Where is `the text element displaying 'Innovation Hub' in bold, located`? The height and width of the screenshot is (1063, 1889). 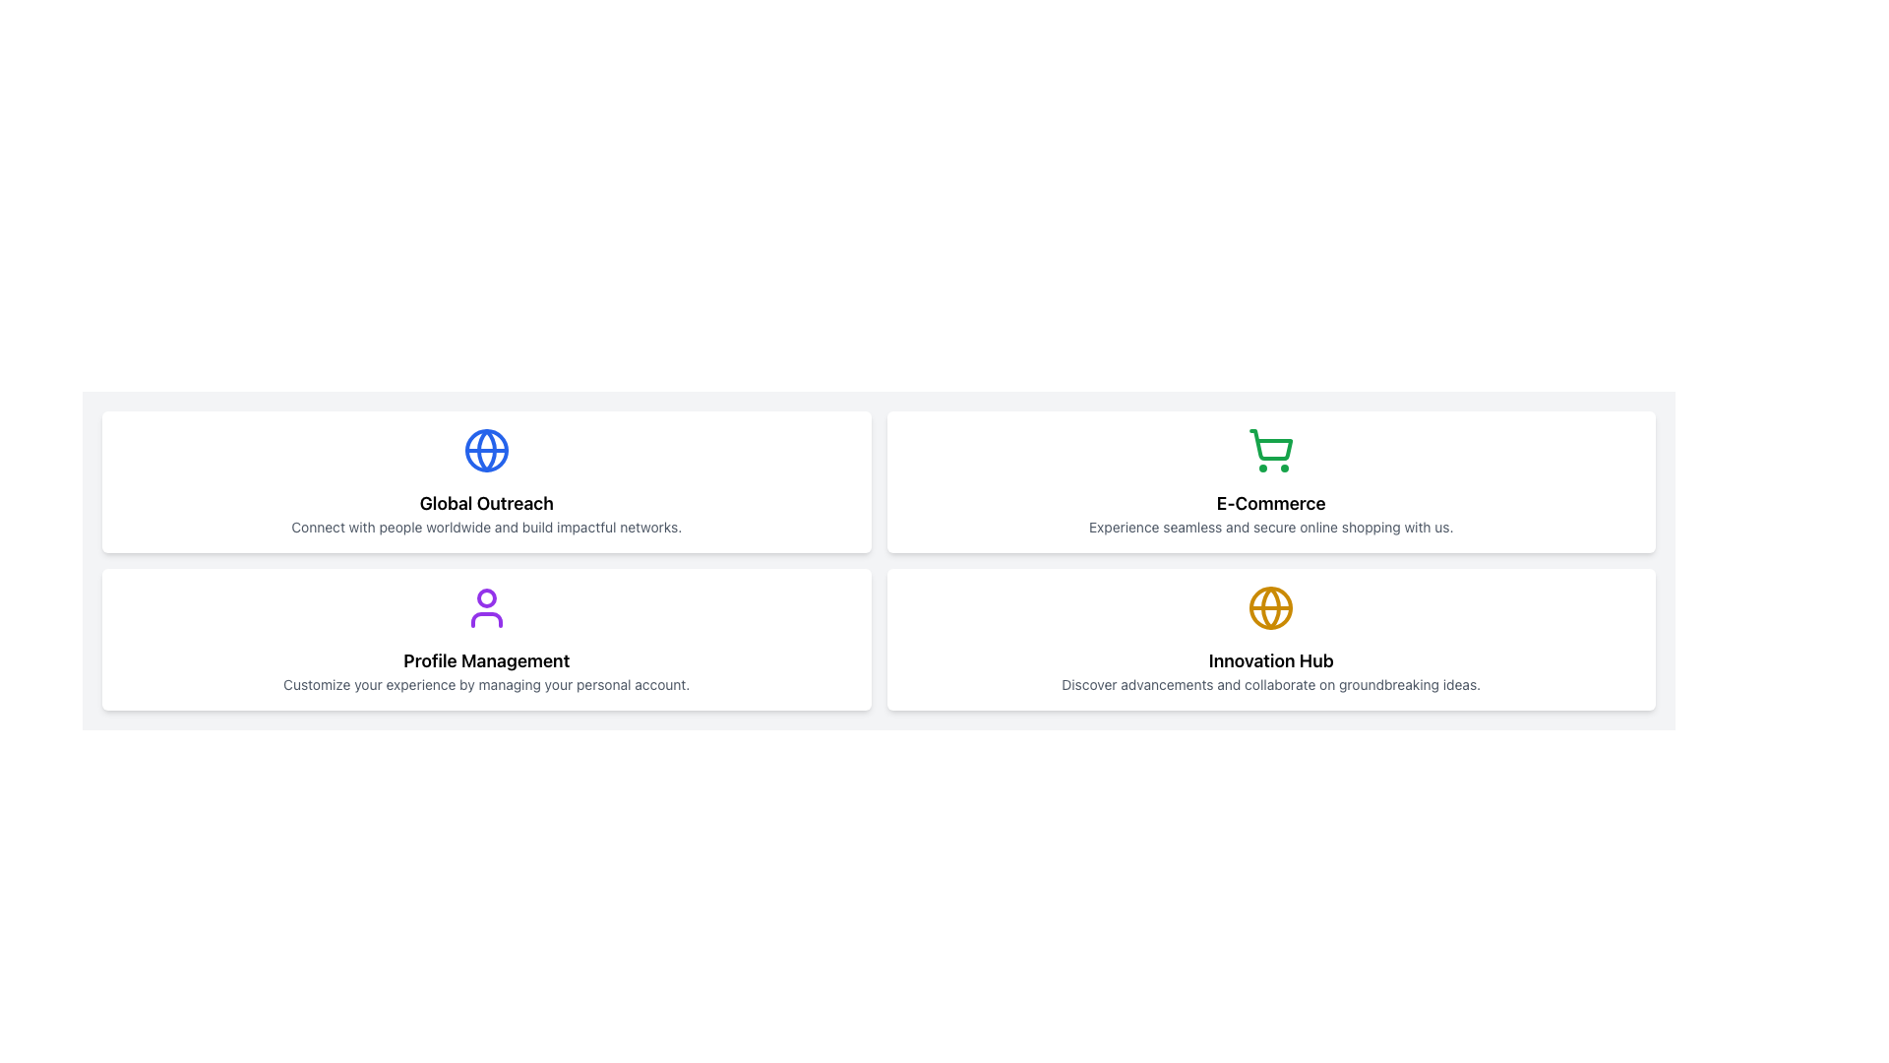 the text element displaying 'Innovation Hub' in bold, located is located at coordinates (1271, 660).